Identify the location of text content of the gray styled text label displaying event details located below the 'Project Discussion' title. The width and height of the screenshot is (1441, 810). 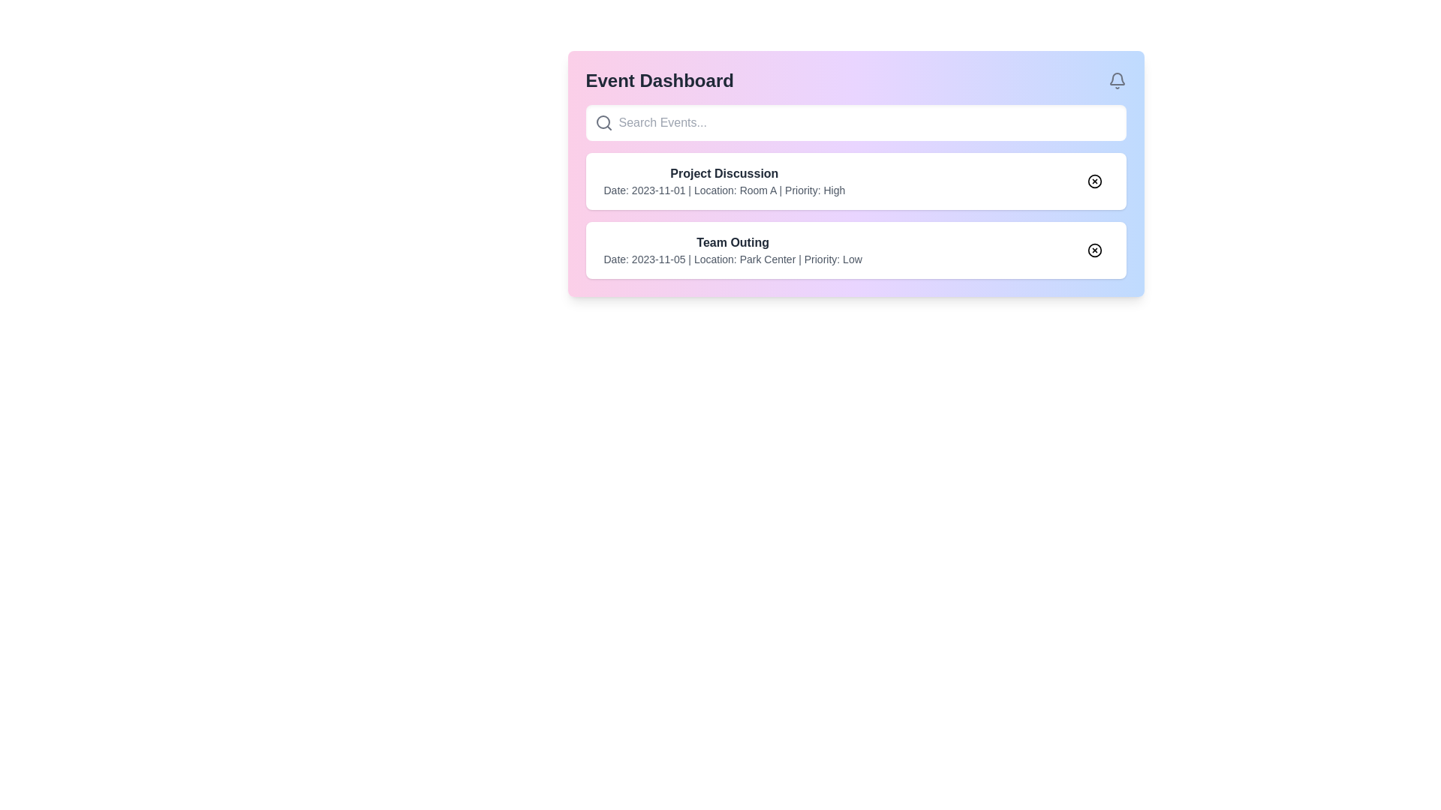
(724, 190).